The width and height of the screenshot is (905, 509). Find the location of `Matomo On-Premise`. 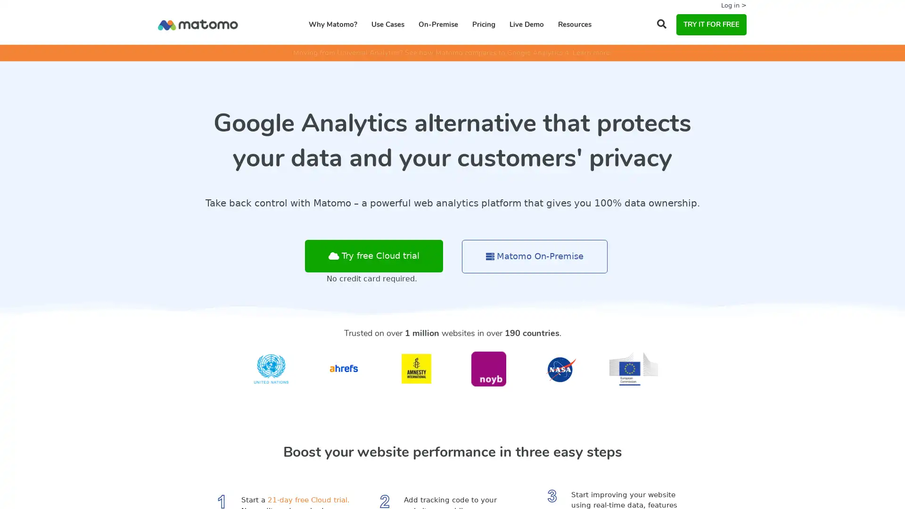

Matomo On-Premise is located at coordinates (535, 256).